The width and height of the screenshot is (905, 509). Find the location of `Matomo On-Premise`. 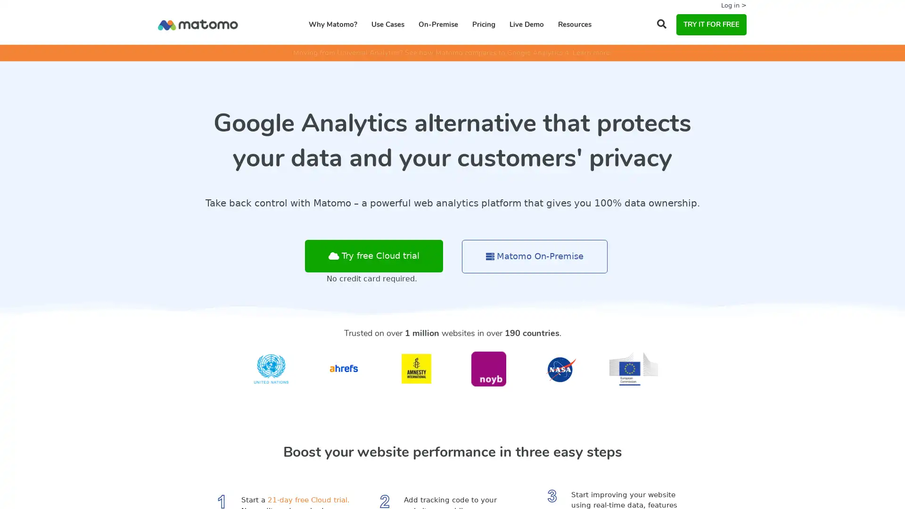

Matomo On-Premise is located at coordinates (535, 256).